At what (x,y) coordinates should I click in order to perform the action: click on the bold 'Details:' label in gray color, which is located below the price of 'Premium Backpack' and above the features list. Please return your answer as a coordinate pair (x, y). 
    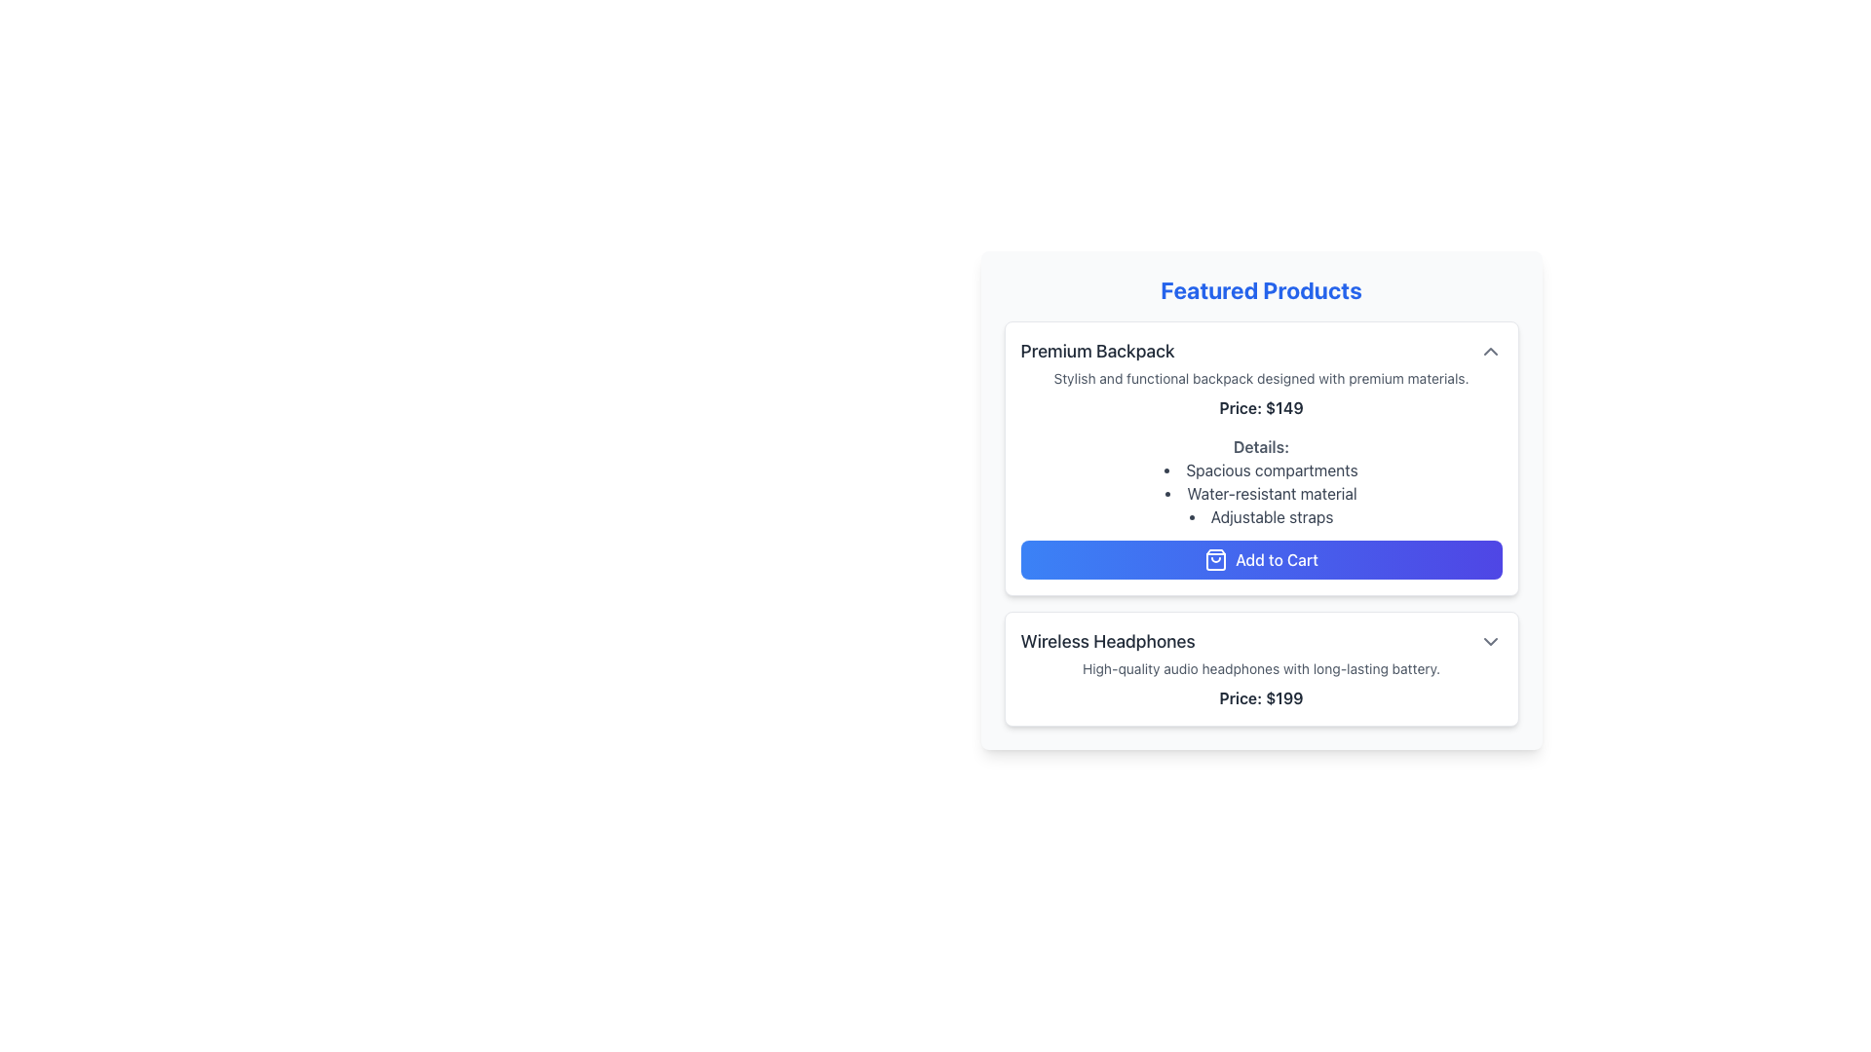
    Looking at the image, I should click on (1261, 447).